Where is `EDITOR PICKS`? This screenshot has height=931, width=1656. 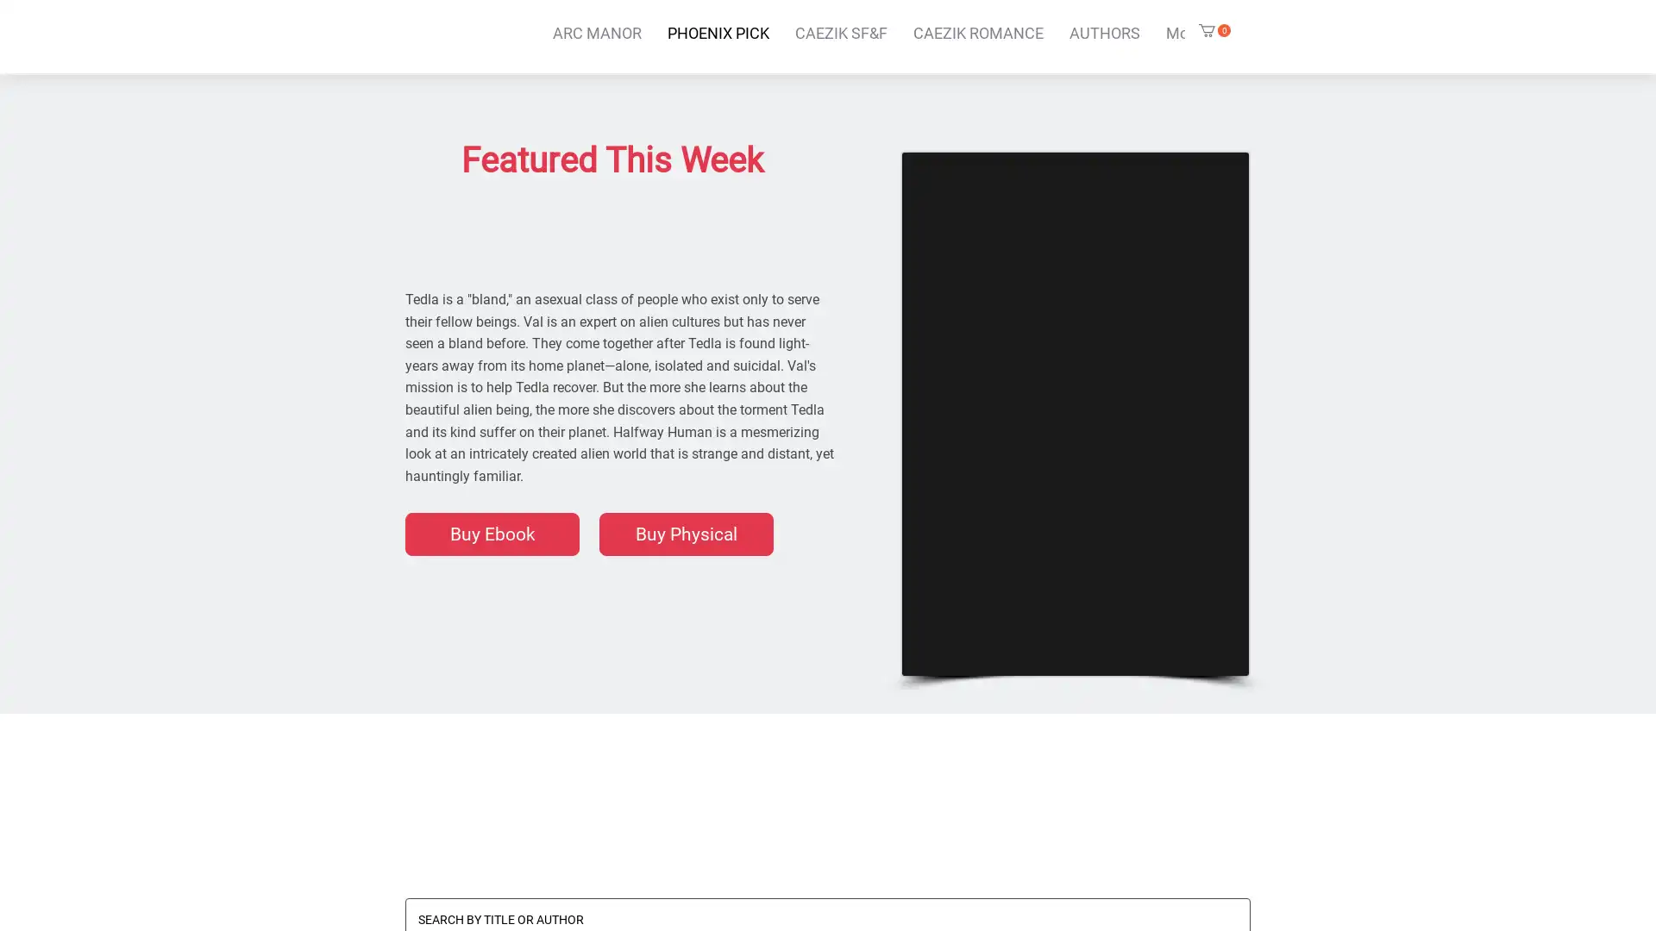 EDITOR PICKS is located at coordinates (716, 860).